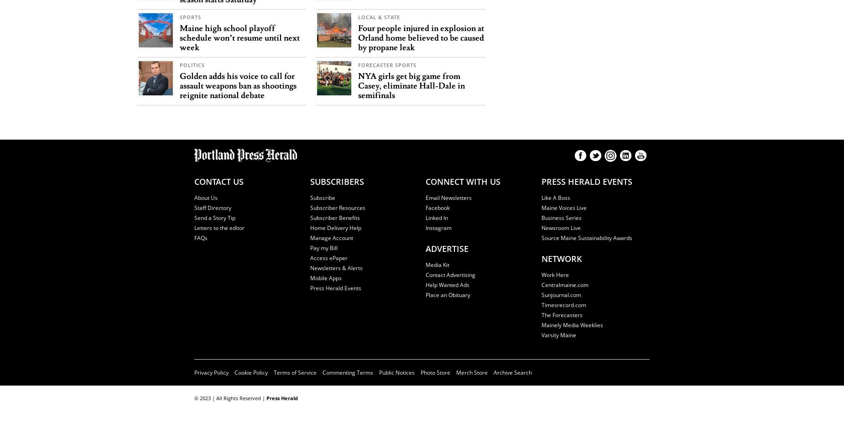  Describe the element at coordinates (541, 294) in the screenshot. I see `'Sunjournal.com'` at that location.